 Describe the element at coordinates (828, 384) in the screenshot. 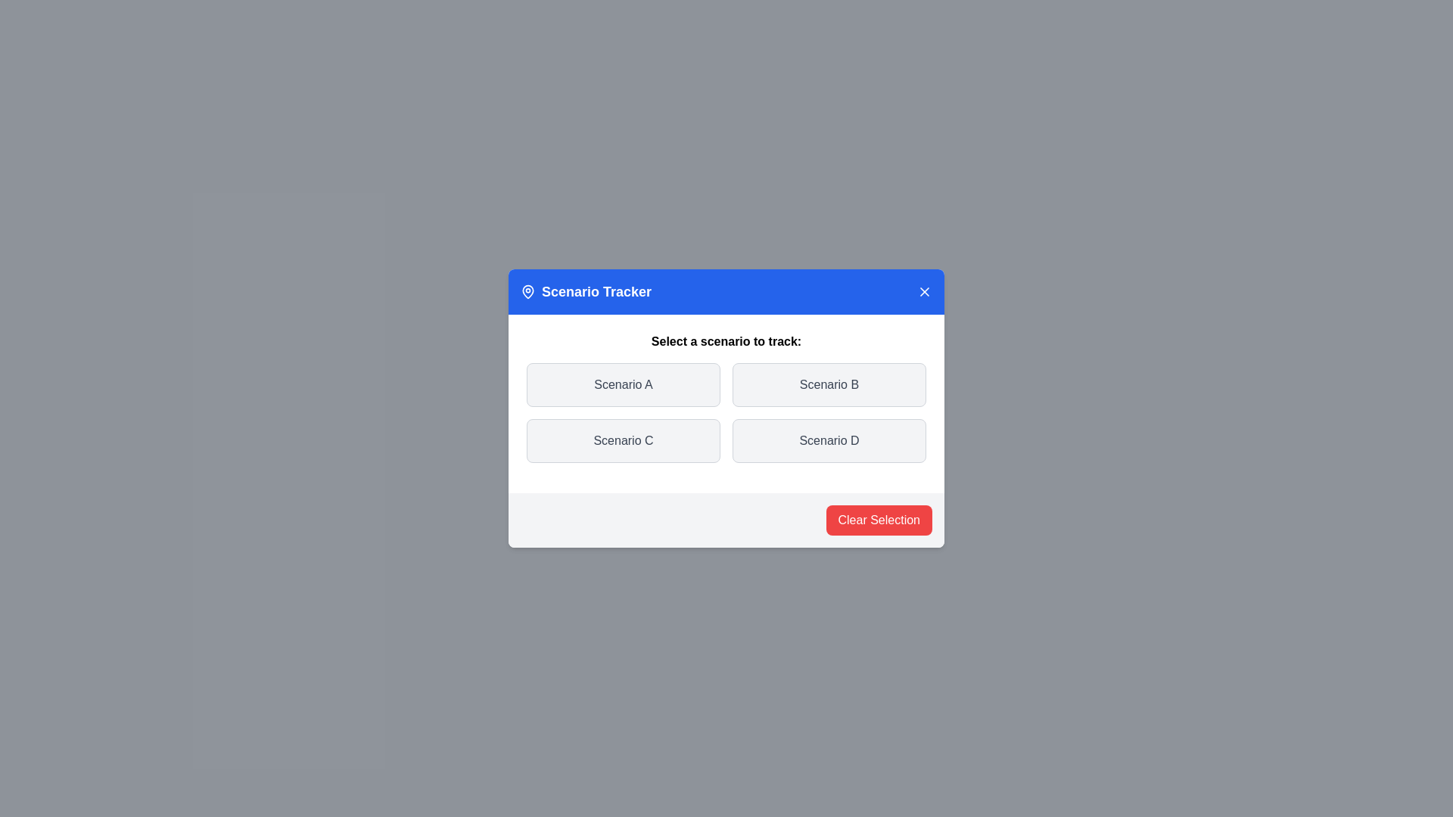

I see `the scenario Scenario B by clicking on its respective button` at that location.